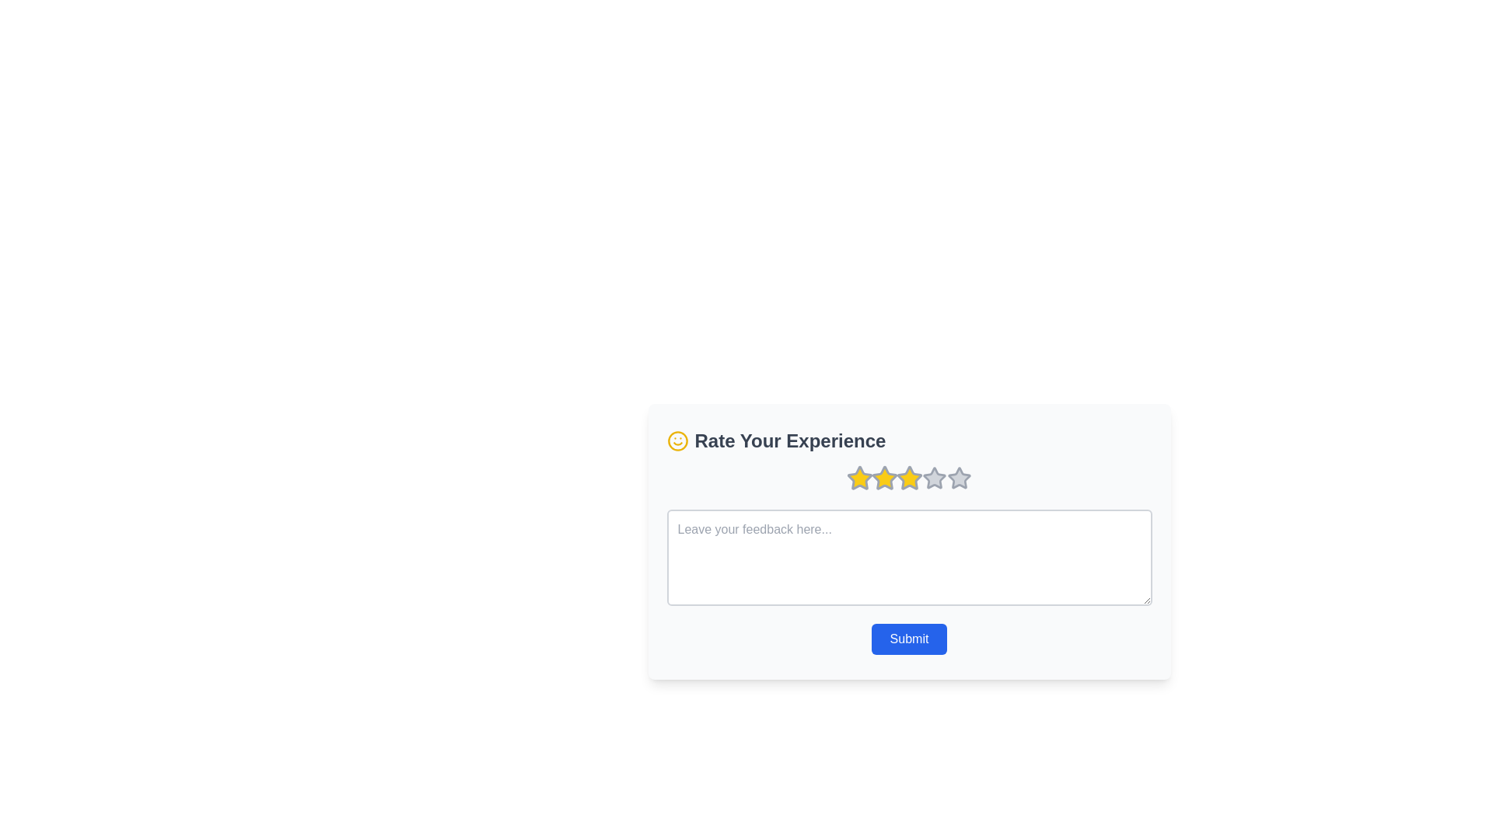 Image resolution: width=1493 pixels, height=839 pixels. What do you see at coordinates (909, 477) in the screenshot?
I see `the third star icon in the rating system` at bounding box center [909, 477].